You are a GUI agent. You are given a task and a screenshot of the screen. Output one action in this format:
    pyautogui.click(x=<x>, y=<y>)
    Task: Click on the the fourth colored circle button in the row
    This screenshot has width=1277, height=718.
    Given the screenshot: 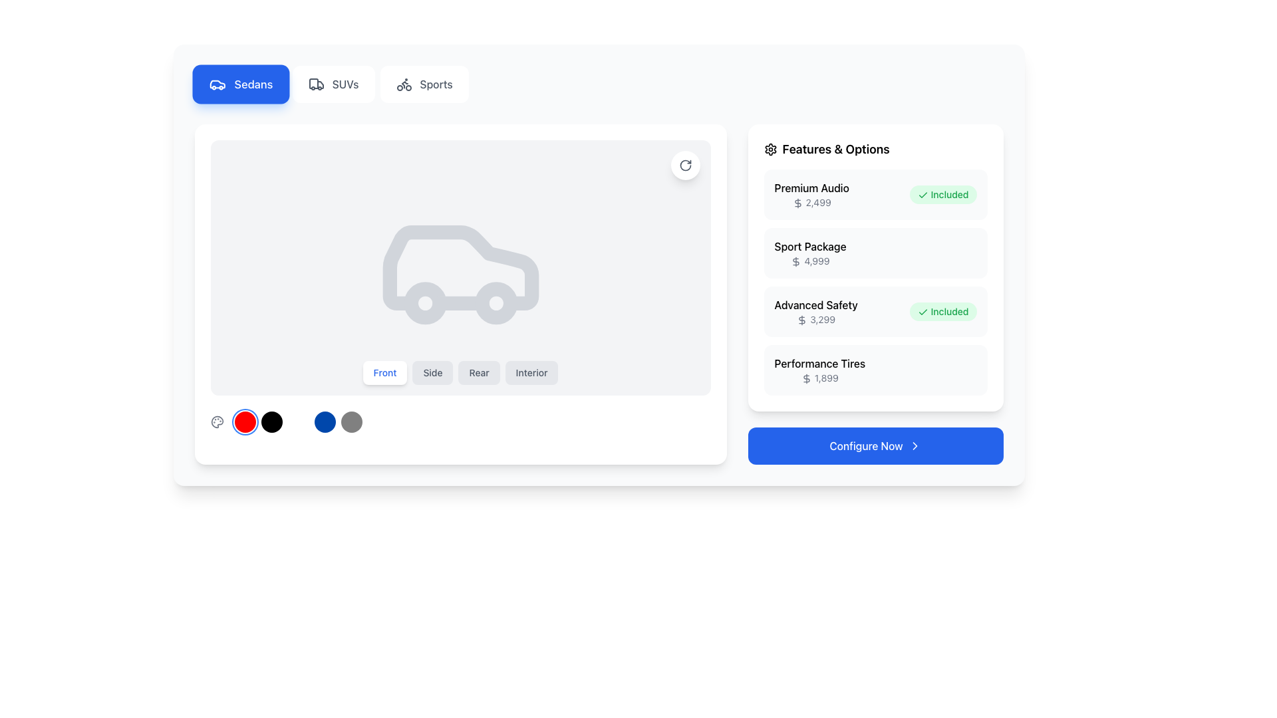 What is the action you would take?
    pyautogui.click(x=325, y=422)
    